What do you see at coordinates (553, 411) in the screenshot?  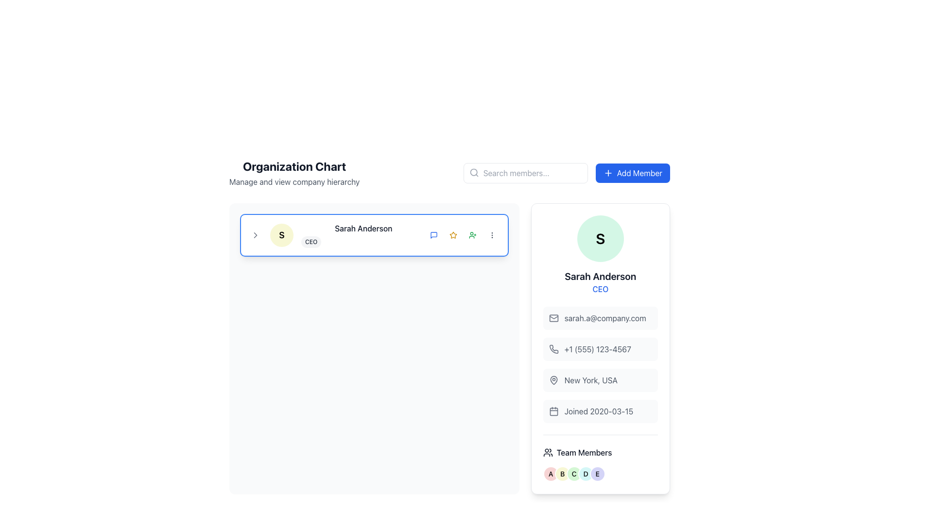 I see `the small calendar icon with a gray outline located to the left of the text 'Joined 2020-03-15'` at bounding box center [553, 411].